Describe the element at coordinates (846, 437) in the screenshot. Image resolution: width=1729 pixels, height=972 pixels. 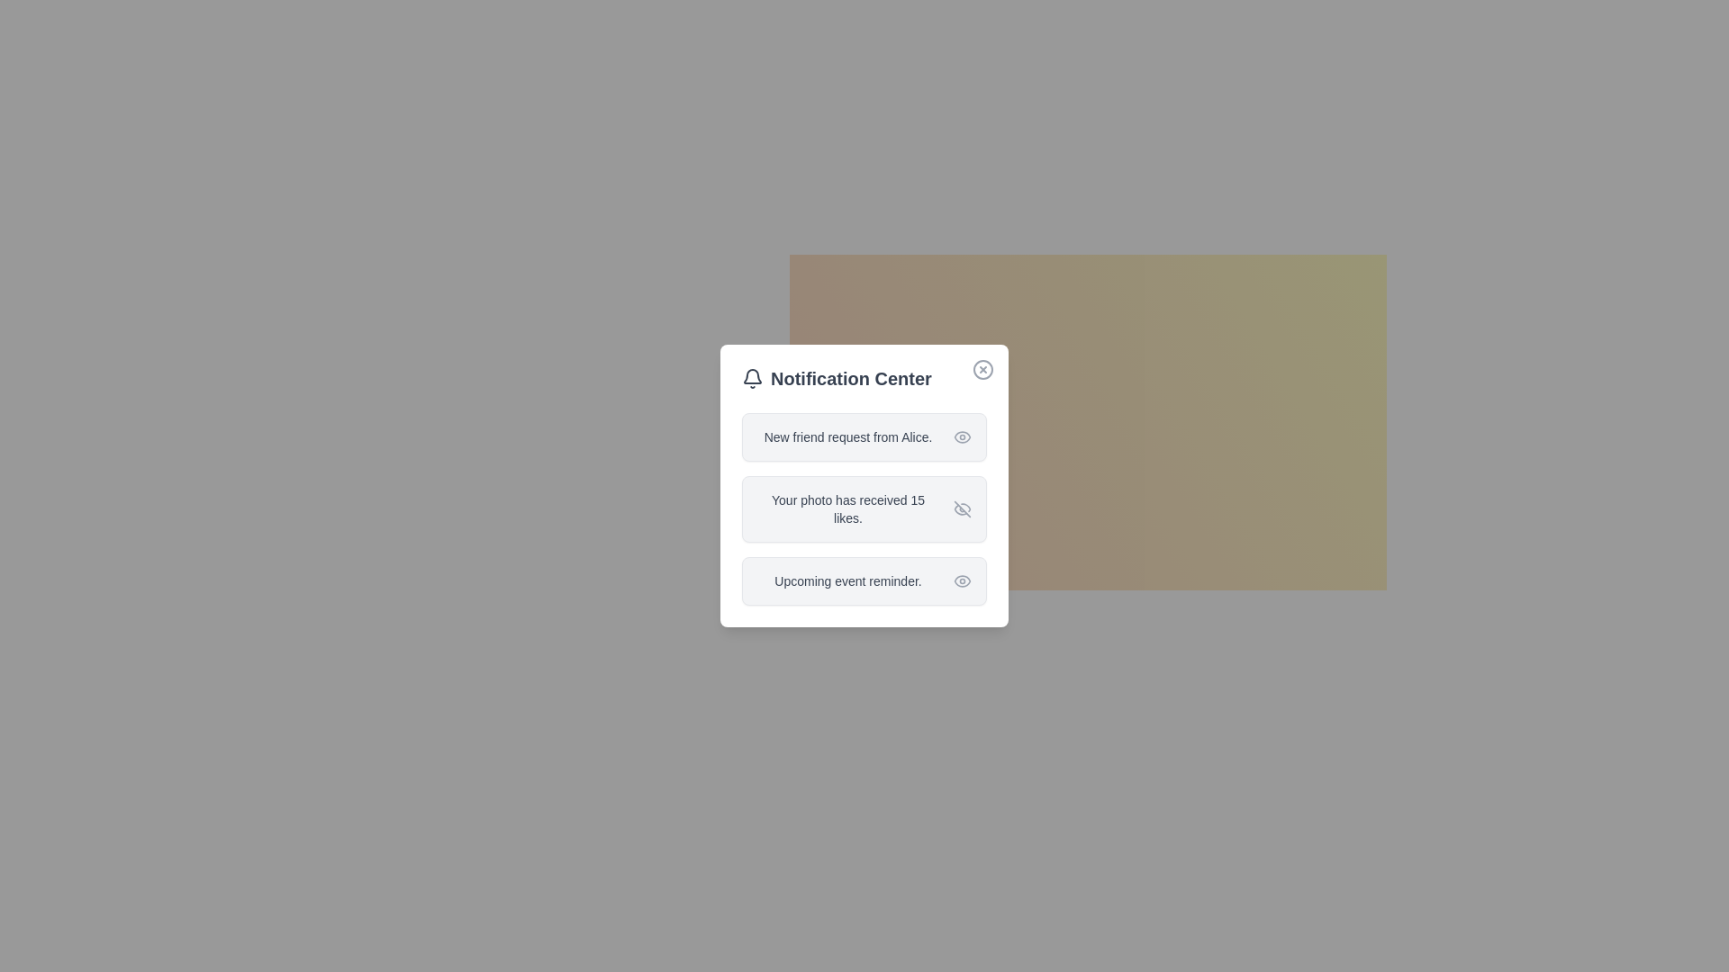
I see `the text label element displaying 'New friend request from Alice.' within the notification card` at that location.